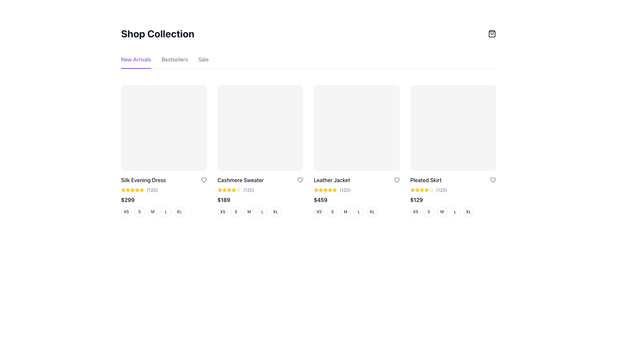 Image resolution: width=635 pixels, height=357 pixels. Describe the element at coordinates (431, 190) in the screenshot. I see `the fifth rating star icon under the 'Pleated Skirt' product, which indicates the user's rating in the five-star rating system` at that location.